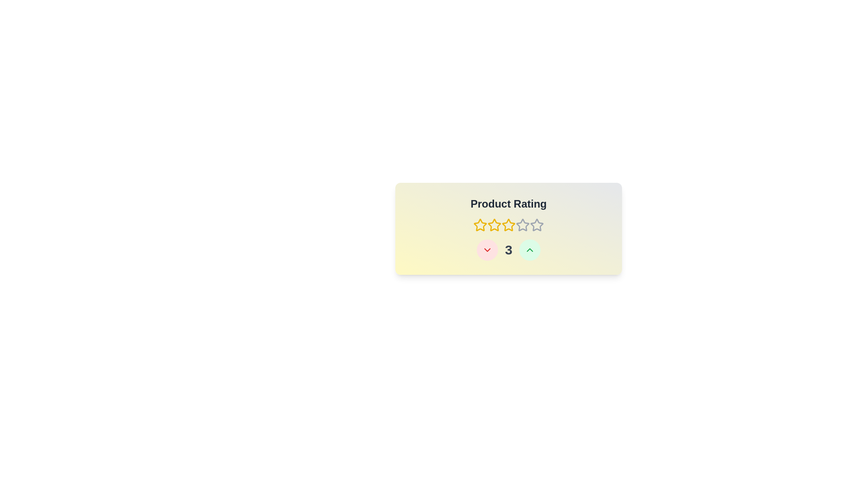 The height and width of the screenshot is (478, 850). Describe the element at coordinates (494, 225) in the screenshot. I see `the third yellow outlined half-filled star icon in the rating bar located beneath 'Product Rating'` at that location.